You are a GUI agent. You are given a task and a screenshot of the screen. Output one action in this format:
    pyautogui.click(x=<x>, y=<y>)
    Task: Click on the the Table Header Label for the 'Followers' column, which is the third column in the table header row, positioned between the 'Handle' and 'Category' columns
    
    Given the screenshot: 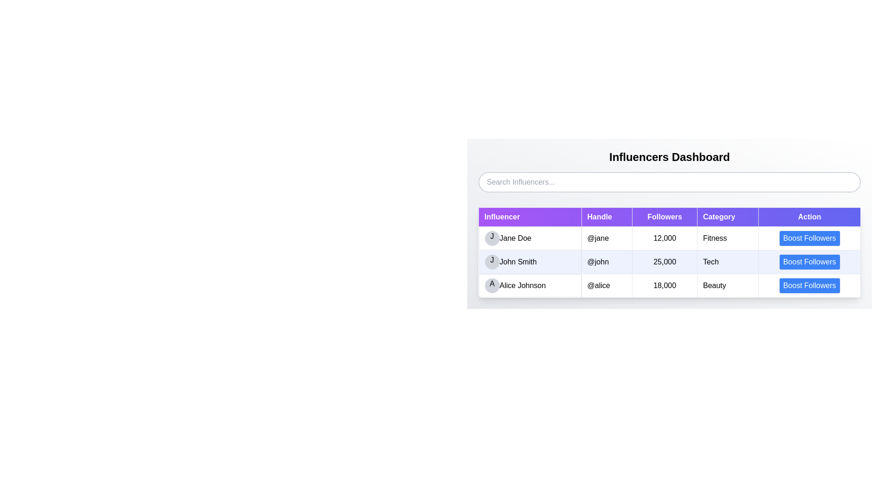 What is the action you would take?
    pyautogui.click(x=664, y=217)
    